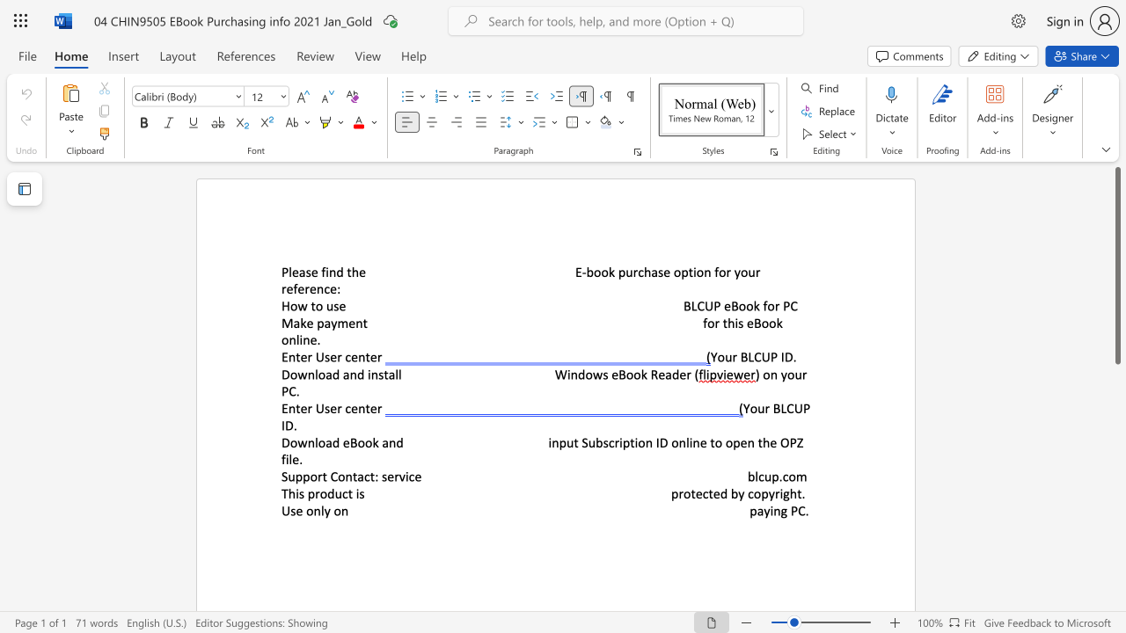 The image size is (1126, 633). What do you see at coordinates (395, 477) in the screenshot?
I see `the 2th character "r" in the text` at bounding box center [395, 477].